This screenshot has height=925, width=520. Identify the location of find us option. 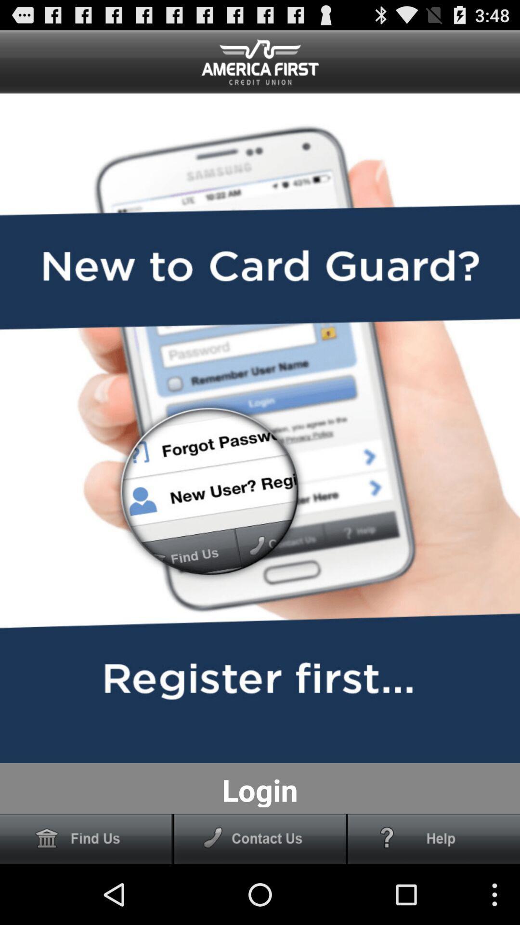
(86, 838).